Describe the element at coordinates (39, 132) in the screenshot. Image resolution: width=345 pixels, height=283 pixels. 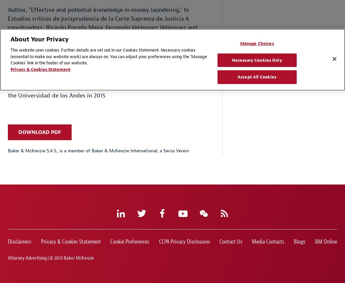
I see `'Download PDF'` at that location.